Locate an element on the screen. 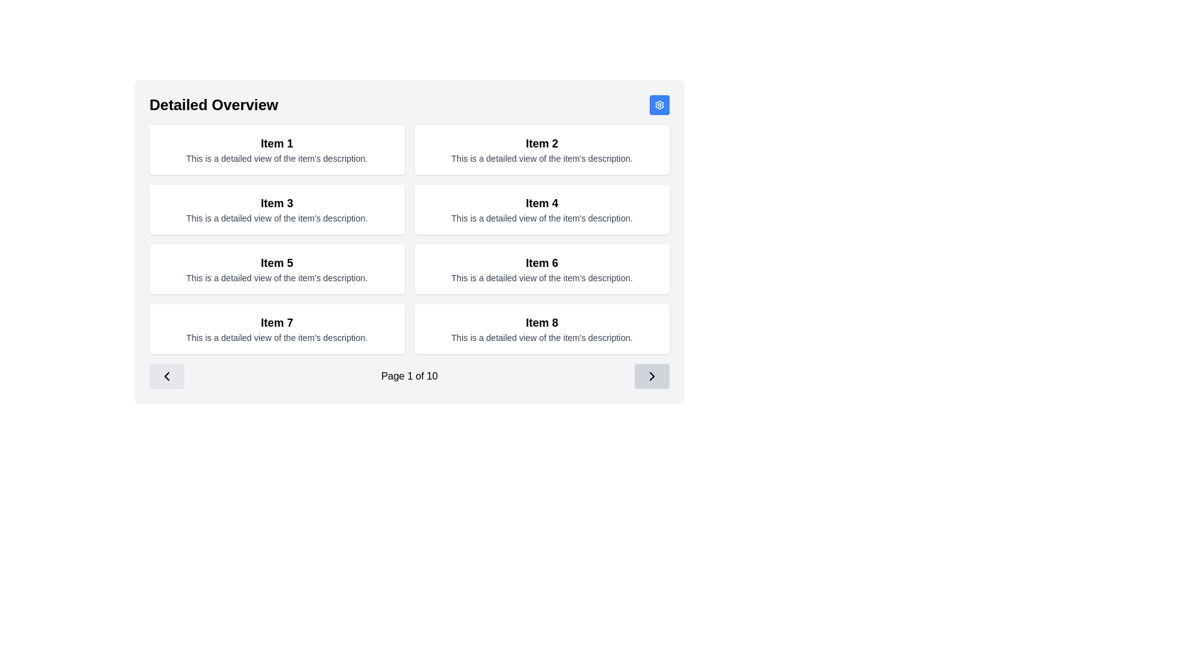 The width and height of the screenshot is (1196, 672). text from the Text Label displaying 'This is a detailed view of the item's description.' located in the top-left card of the grid layout, below the title 'Item 1.' is located at coordinates (276, 157).